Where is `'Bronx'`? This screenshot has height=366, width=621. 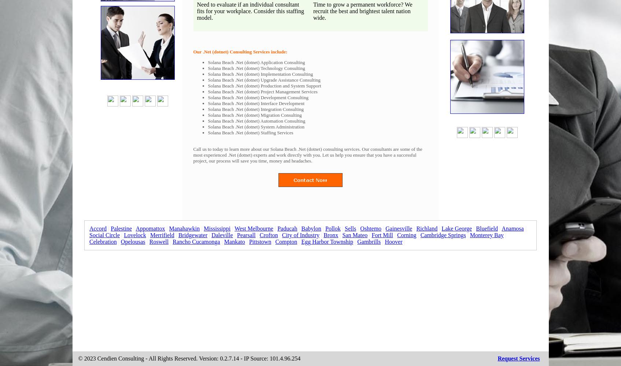
'Bronx' is located at coordinates (330, 235).